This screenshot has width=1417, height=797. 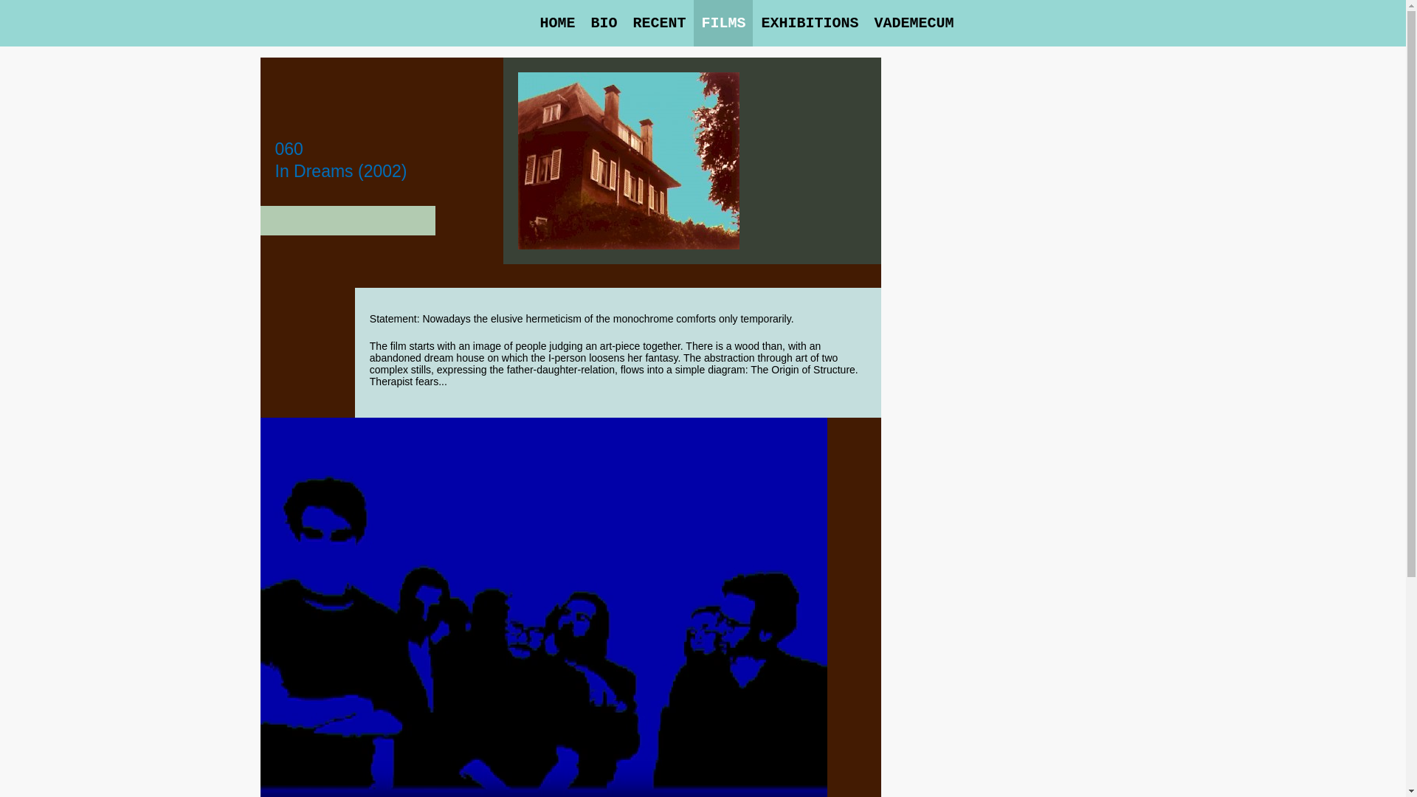 I want to click on 'VADEMECUM', so click(x=913, y=23).